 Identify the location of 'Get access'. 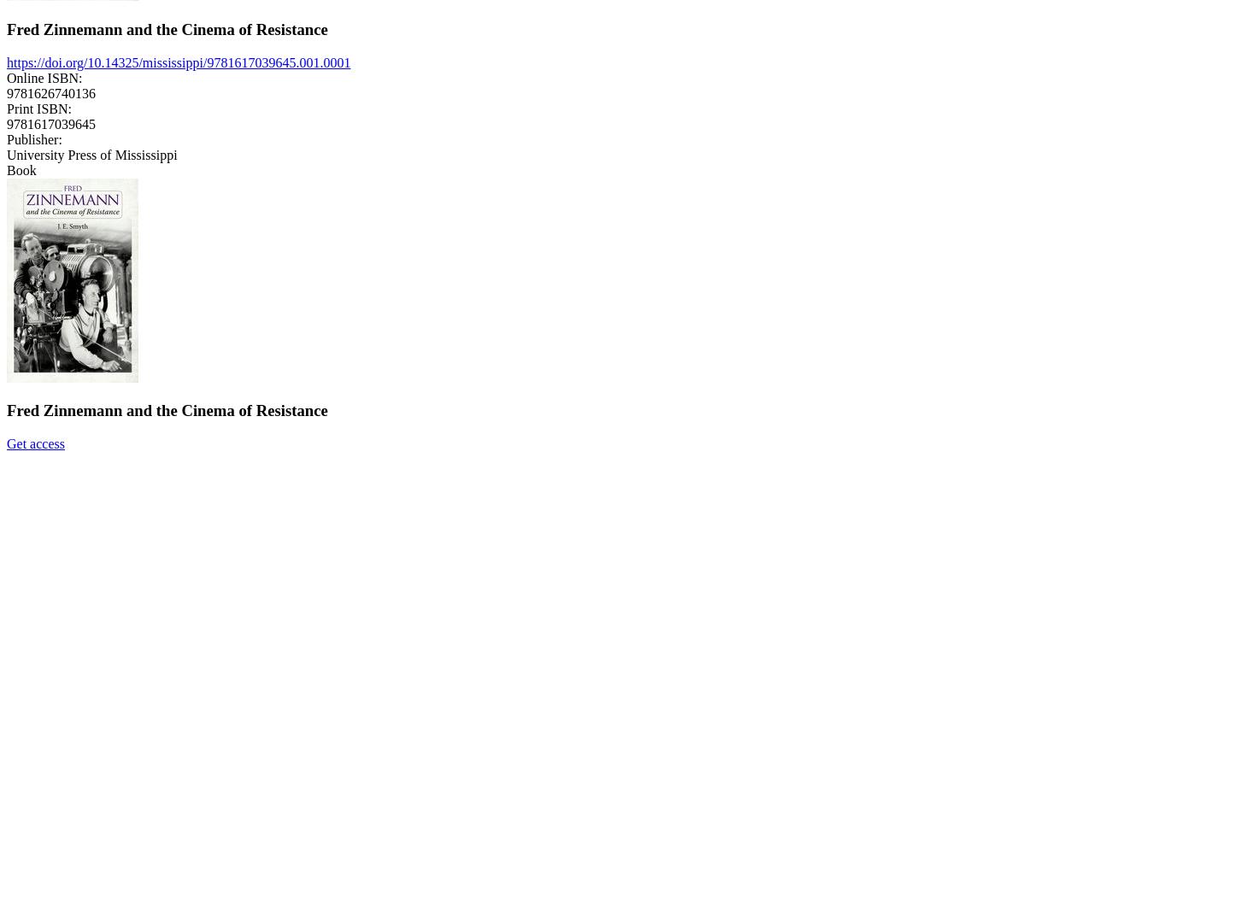
(35, 443).